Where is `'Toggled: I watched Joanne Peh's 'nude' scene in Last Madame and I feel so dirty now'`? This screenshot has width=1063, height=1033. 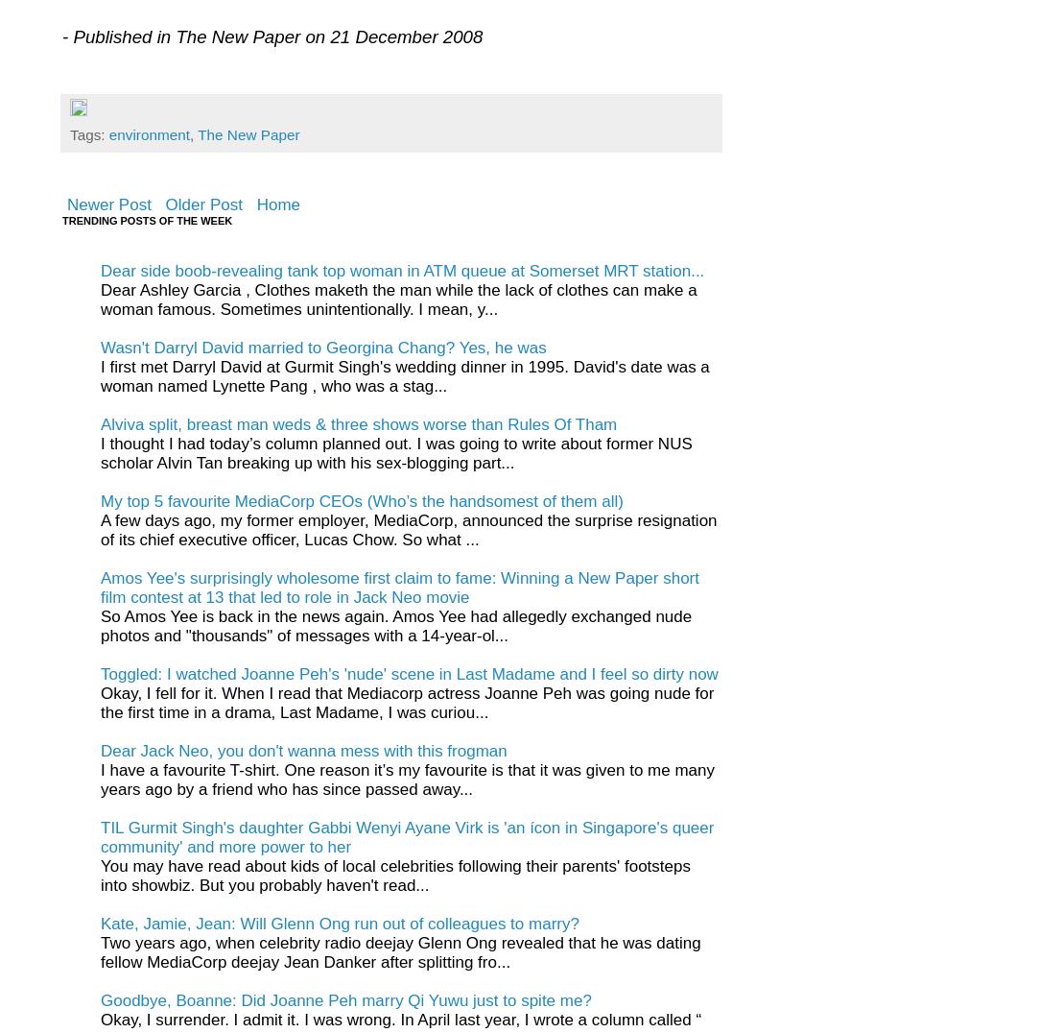
'Toggled: I watched Joanne Peh's 'nude' scene in Last Madame and I feel so dirty now' is located at coordinates (408, 674).